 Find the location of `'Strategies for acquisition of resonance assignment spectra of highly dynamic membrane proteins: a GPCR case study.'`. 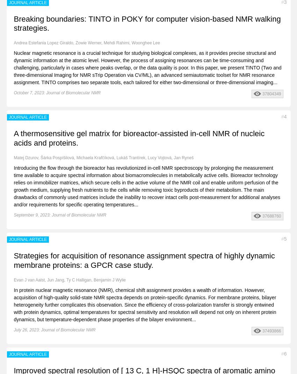

'Strategies for acquisition of resonance assignment spectra of highly dynamic membrane proteins: a GPCR case study.' is located at coordinates (144, 260).